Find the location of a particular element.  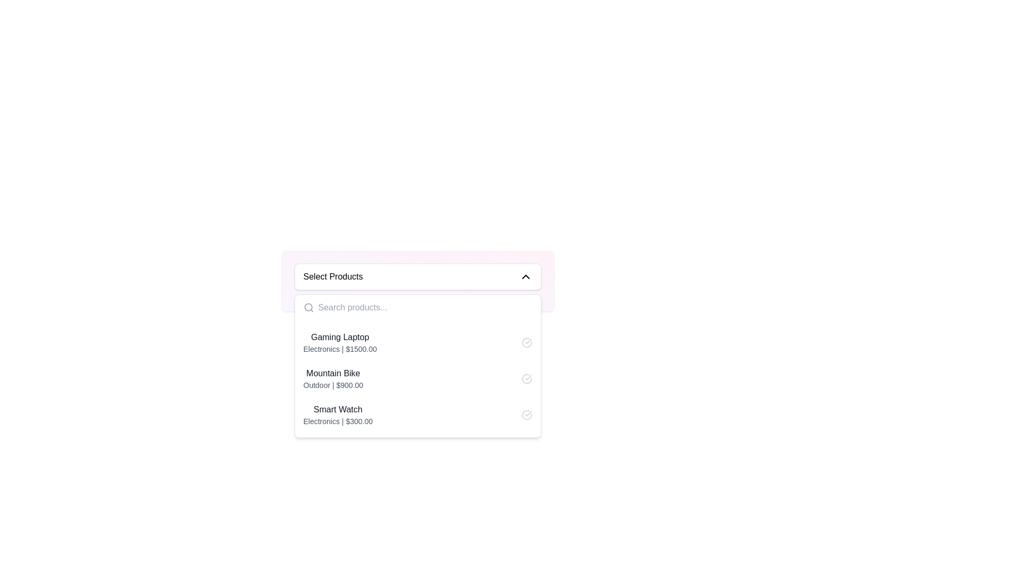

the selectable product option 'Smart Watch' located in the dropdown menu under 'Select Products' is located at coordinates (337, 414).